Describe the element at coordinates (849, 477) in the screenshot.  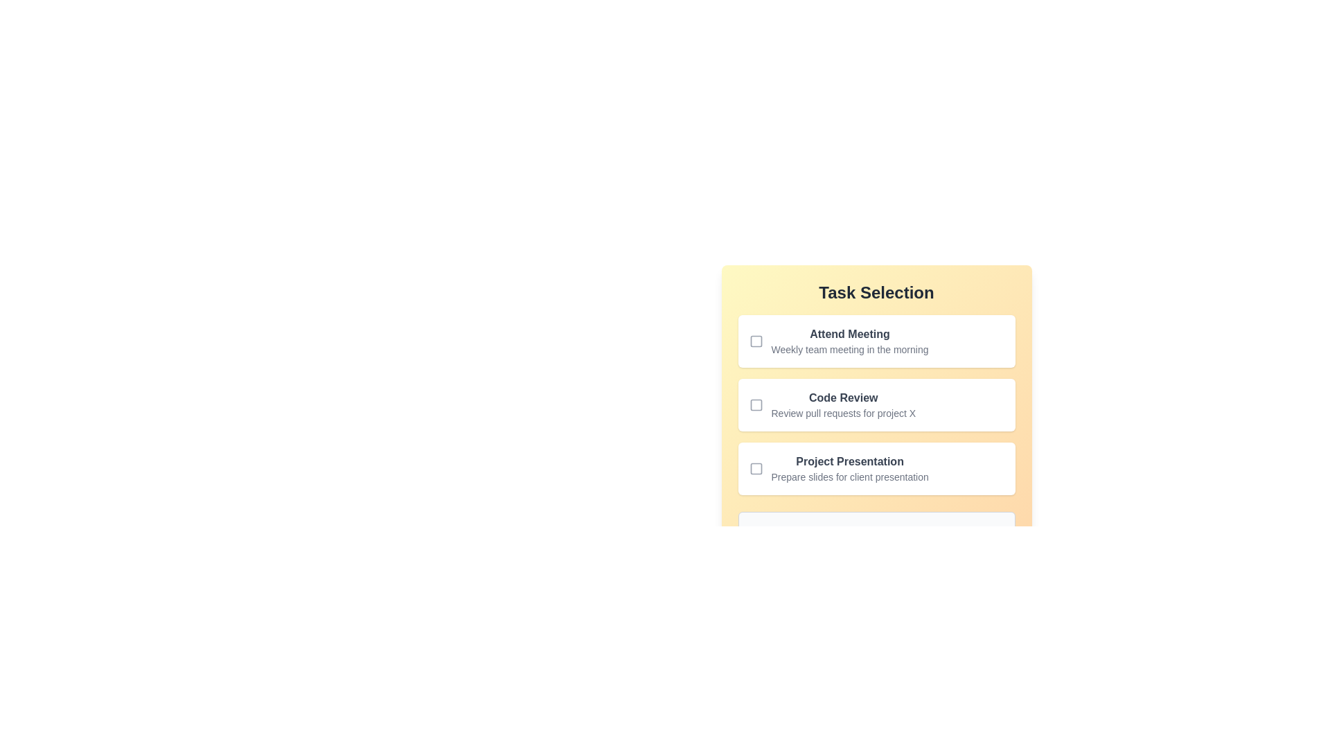
I see `the static text that reads 'Prepare slides for client presentation,' which is located below the bold text 'Project Presentation' in the yellow pane` at that location.